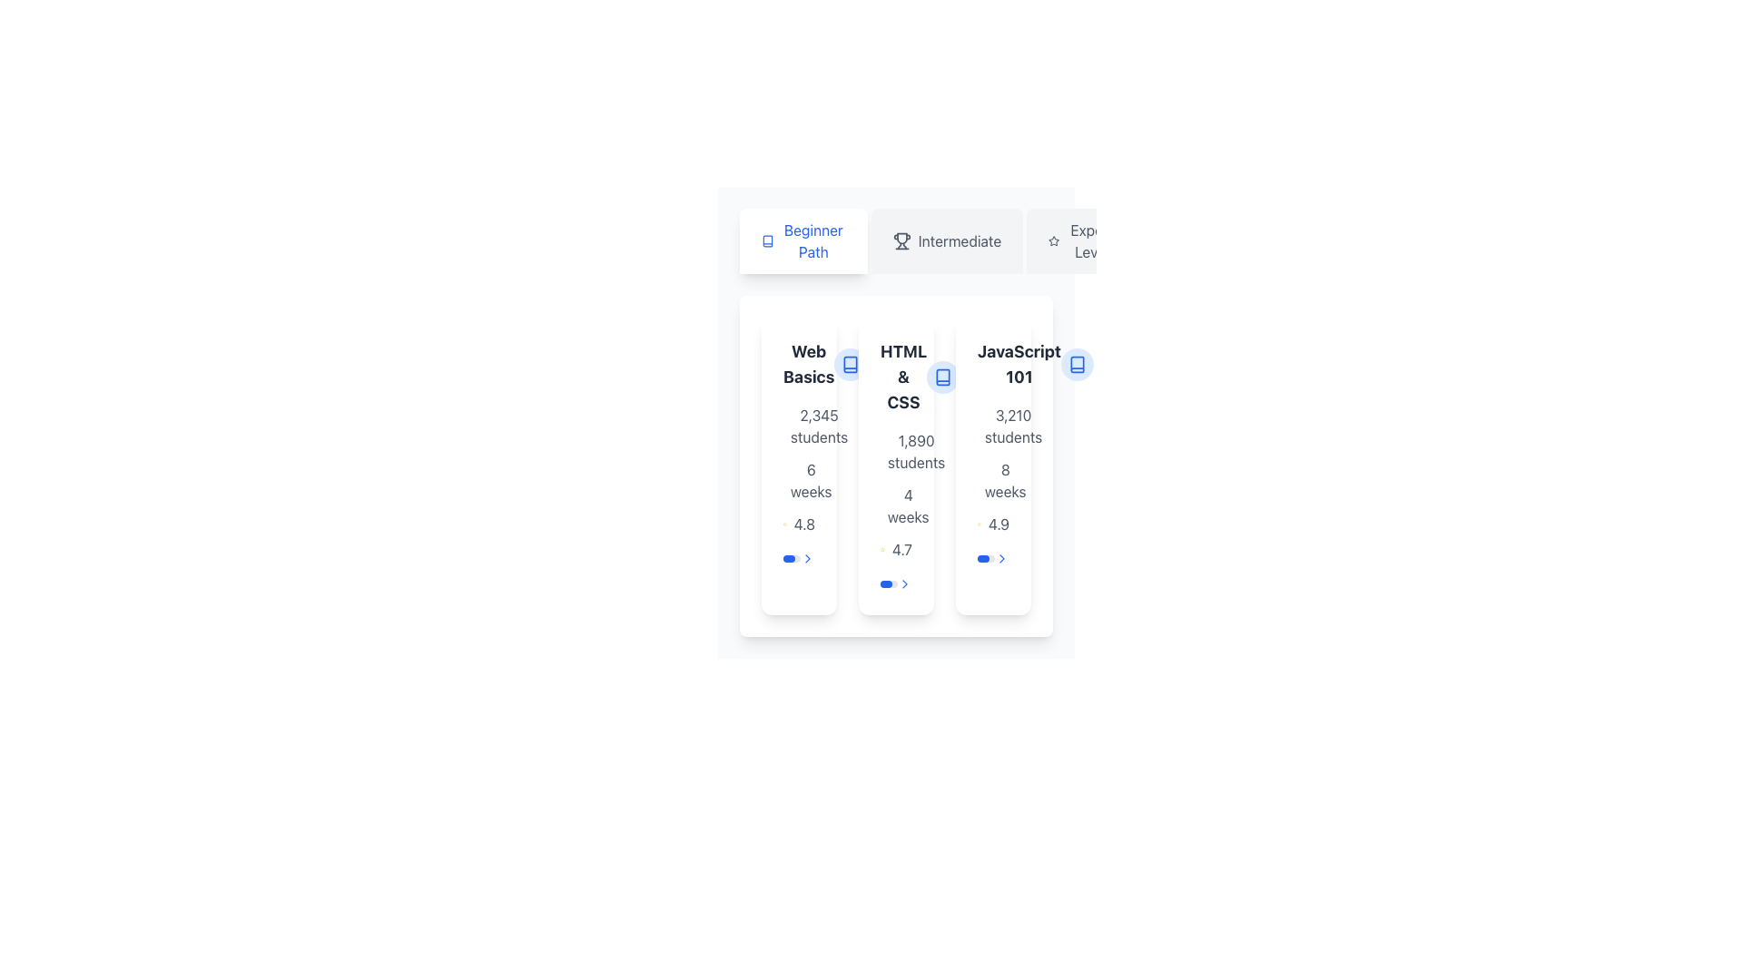  I want to click on the Circle SVG component within the clock icon that is positioned under the text '8 weeks' related to the 'JavaScript 101' course card, so click(988, 483).